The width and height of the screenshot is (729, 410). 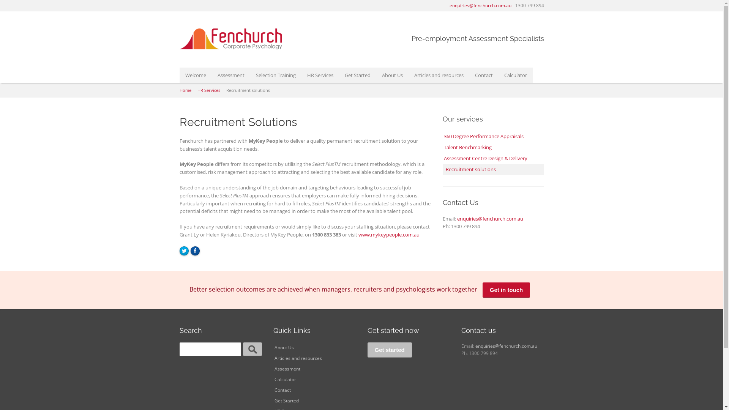 I want to click on 'Assessment Centre Design & Delivery', so click(x=493, y=158).